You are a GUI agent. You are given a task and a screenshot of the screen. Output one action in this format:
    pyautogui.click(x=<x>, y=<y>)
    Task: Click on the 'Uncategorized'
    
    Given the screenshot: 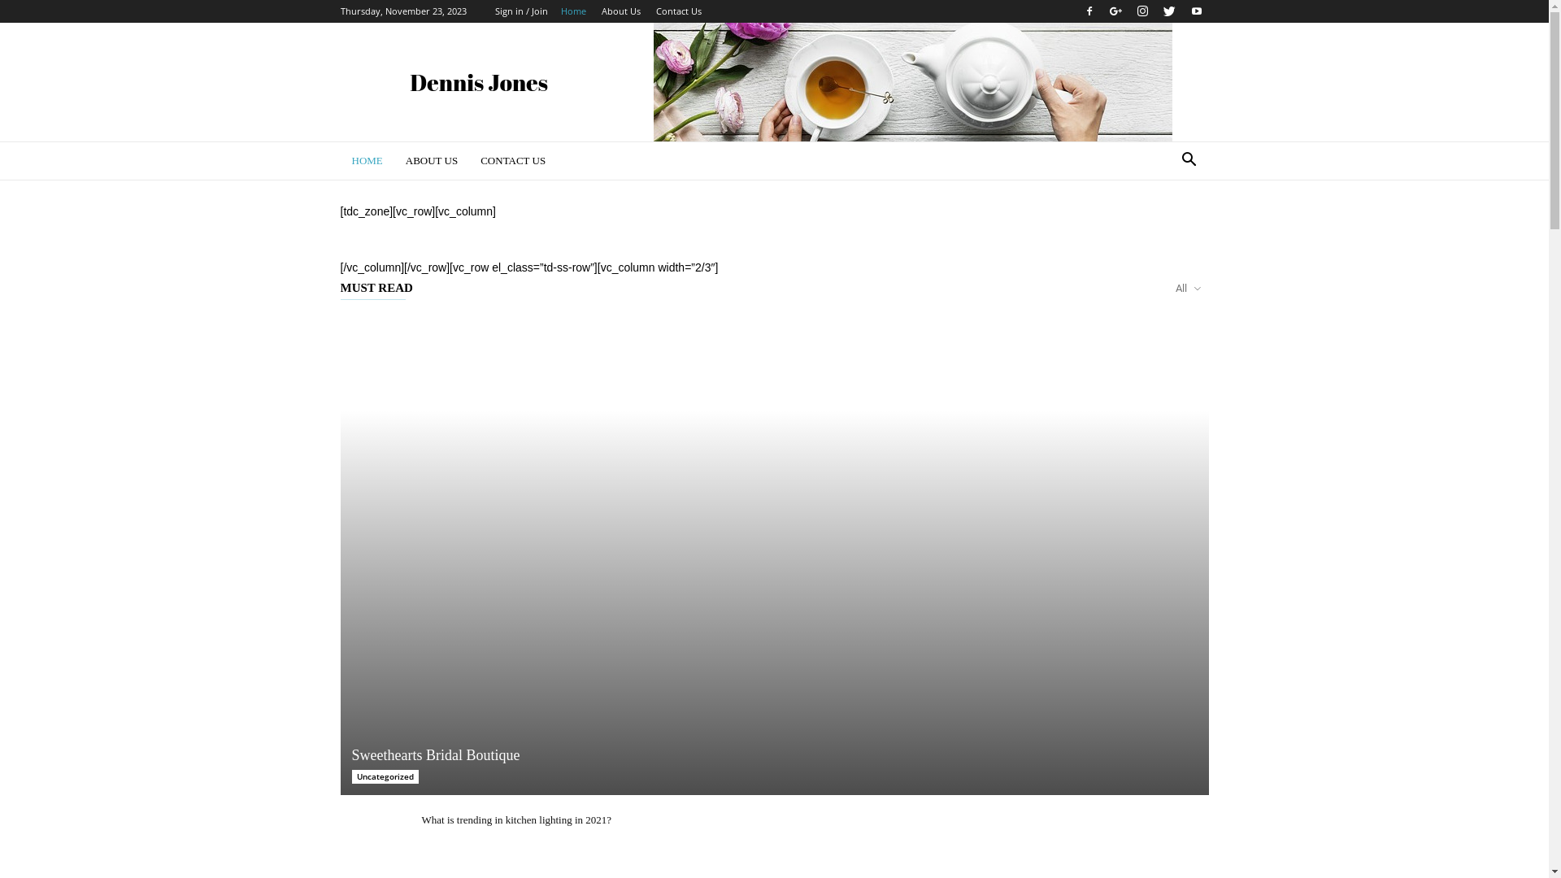 What is the action you would take?
    pyautogui.click(x=384, y=776)
    